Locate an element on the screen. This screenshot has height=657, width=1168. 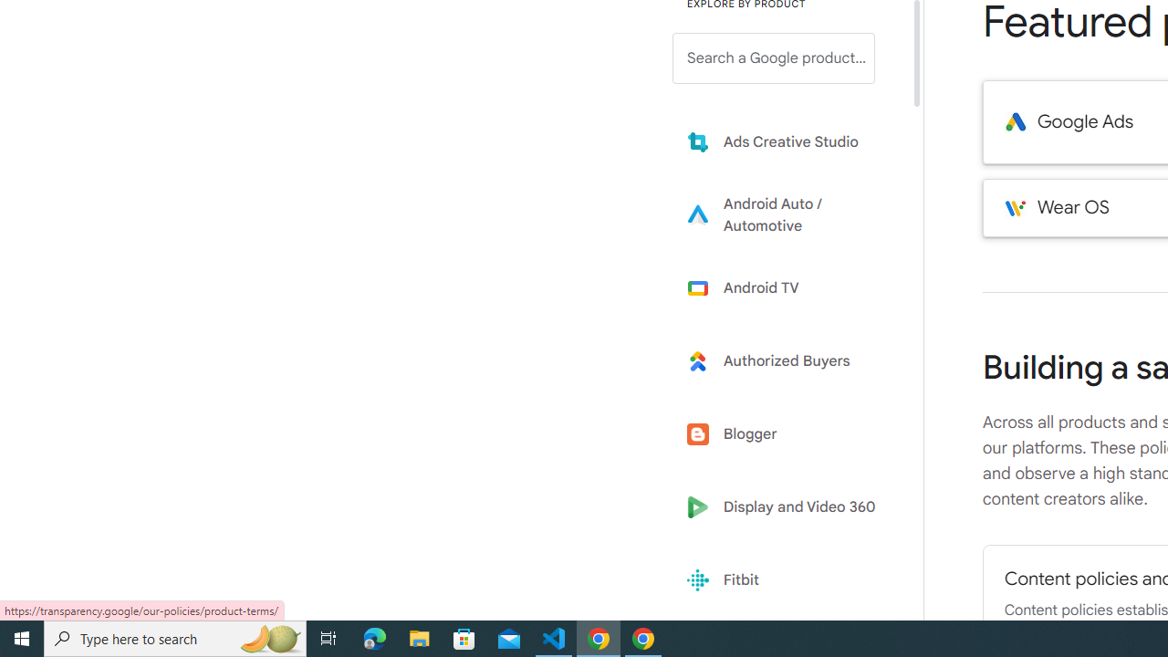
'Learn more about Ads Creative Studio' is located at coordinates (787, 141).